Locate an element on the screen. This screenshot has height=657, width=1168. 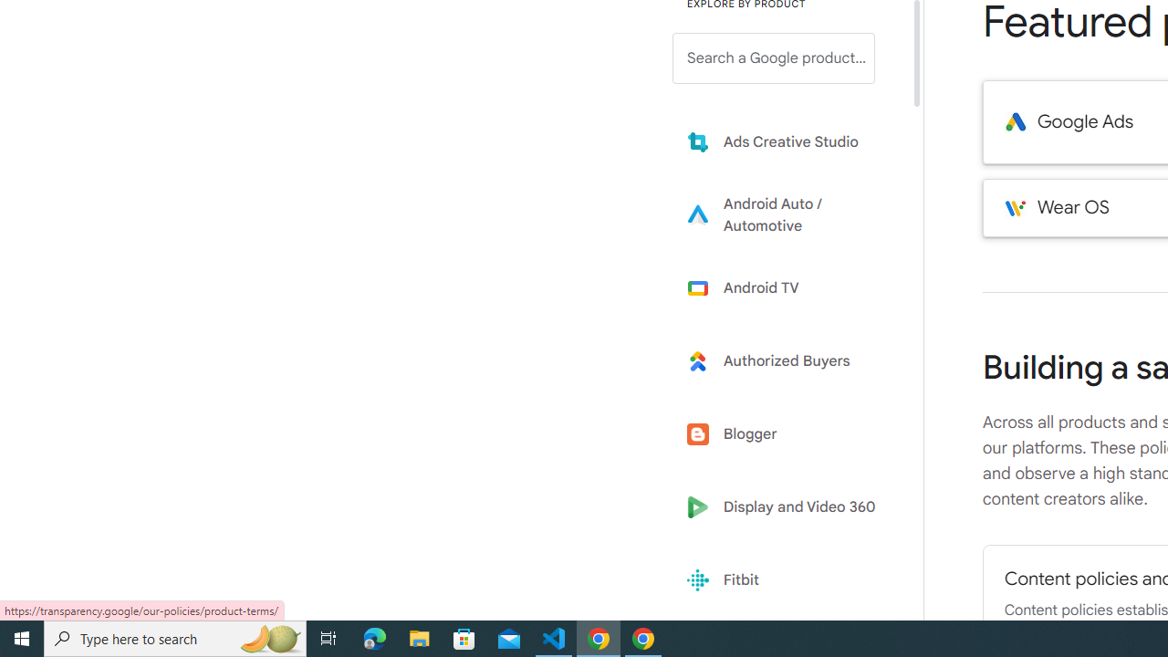
'Learn more about Ads Creative Studio' is located at coordinates (787, 141).